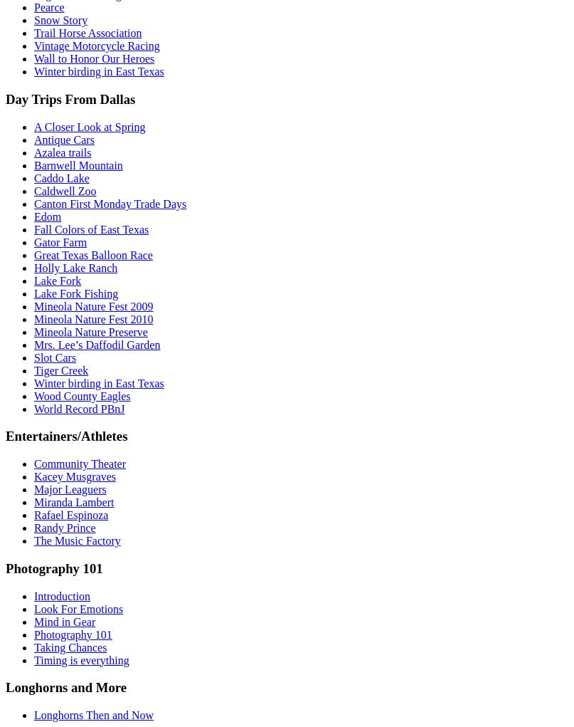  Describe the element at coordinates (96, 343) in the screenshot. I see `'Mrs. Lee’s Daffodil Garden'` at that location.